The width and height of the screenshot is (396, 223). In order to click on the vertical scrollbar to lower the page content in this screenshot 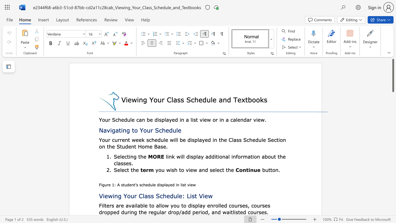, I will do `click(393, 154)`.